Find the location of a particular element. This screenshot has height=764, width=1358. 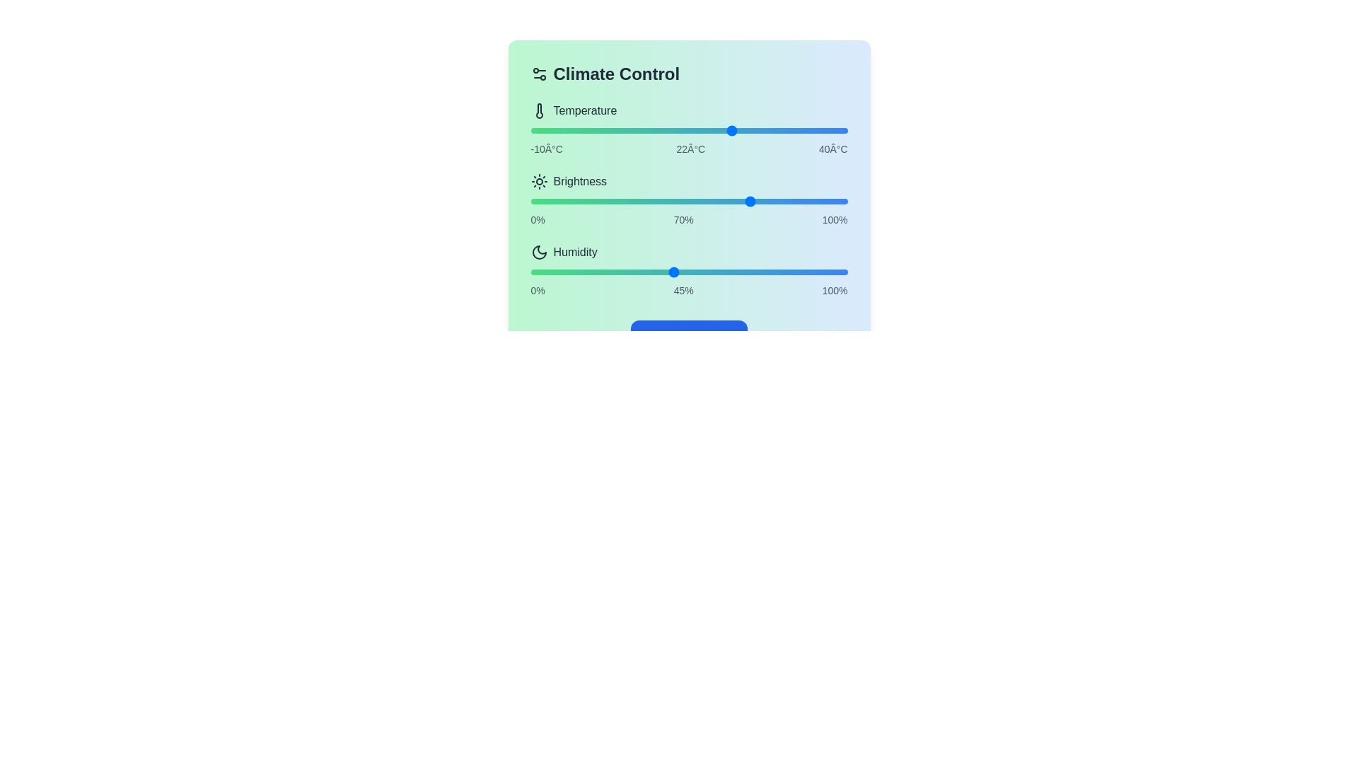

the humidity level is located at coordinates (780, 272).